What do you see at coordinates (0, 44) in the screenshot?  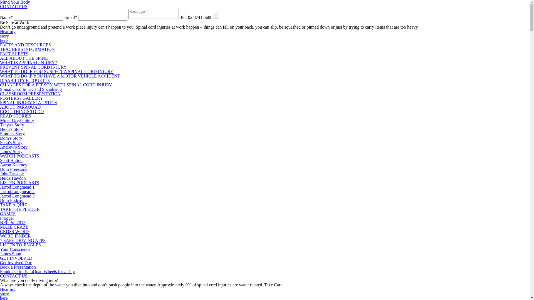 I see `'FACTS AND RESOURCES'` at bounding box center [0, 44].